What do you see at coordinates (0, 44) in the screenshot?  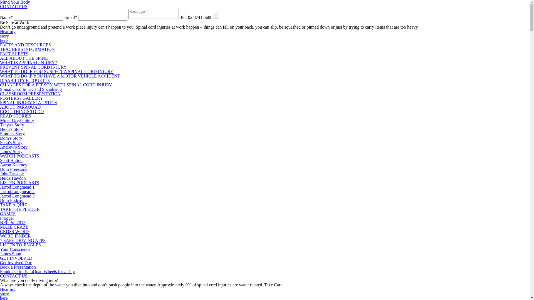 I see `'FACTS AND RESOURCES'` at bounding box center [0, 44].